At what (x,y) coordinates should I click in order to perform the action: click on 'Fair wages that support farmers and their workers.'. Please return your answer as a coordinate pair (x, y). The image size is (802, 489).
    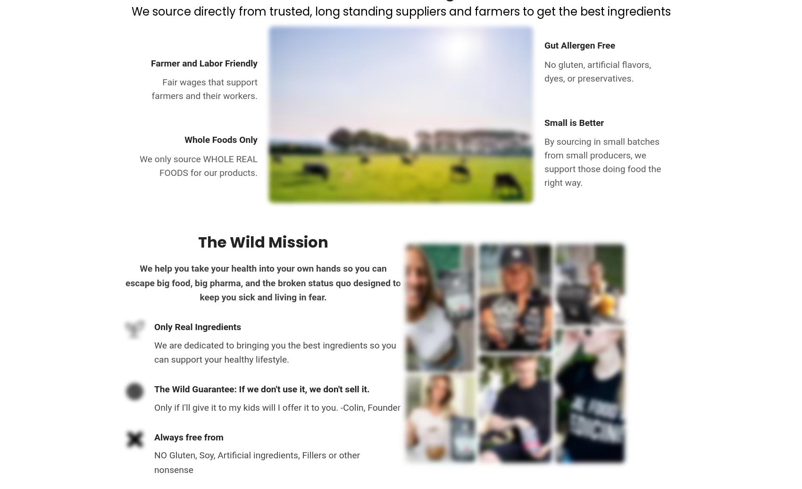
    Looking at the image, I should click on (204, 89).